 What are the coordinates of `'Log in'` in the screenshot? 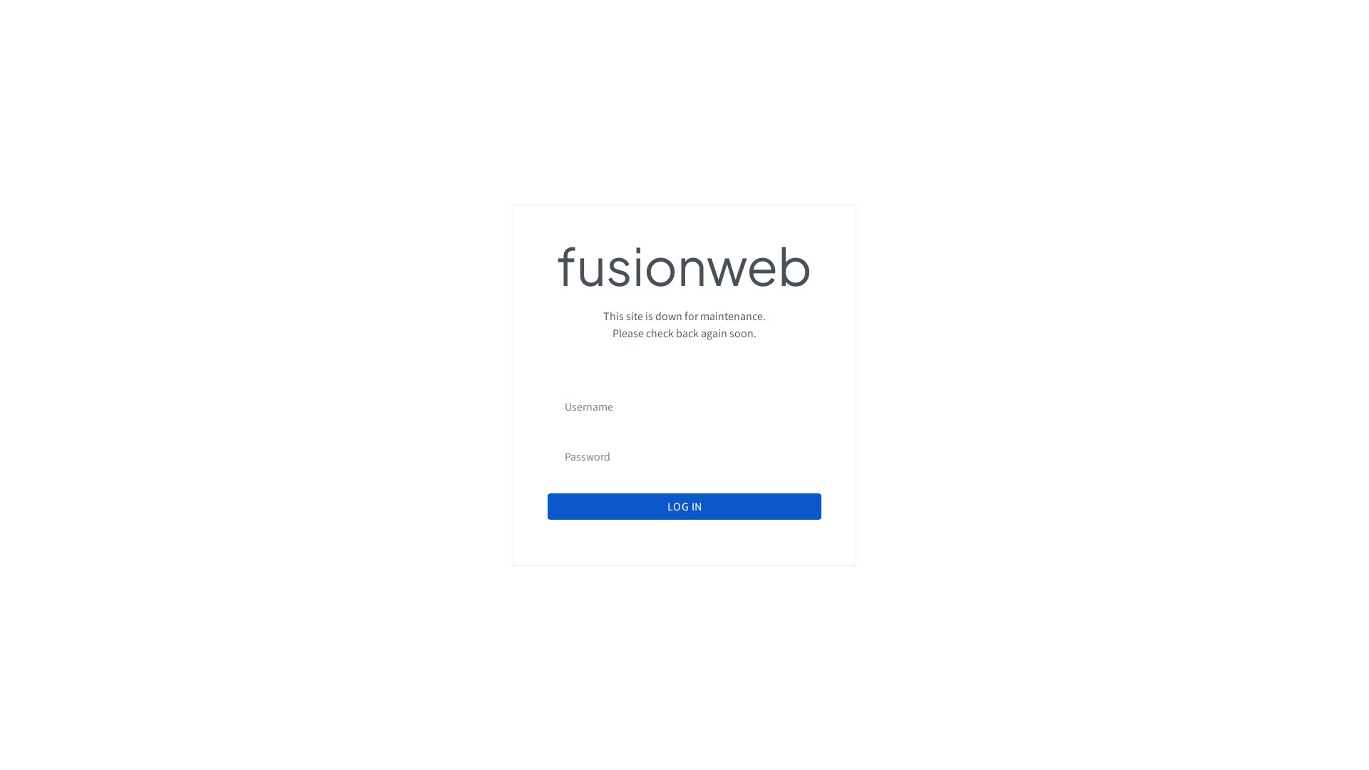 It's located at (684, 505).